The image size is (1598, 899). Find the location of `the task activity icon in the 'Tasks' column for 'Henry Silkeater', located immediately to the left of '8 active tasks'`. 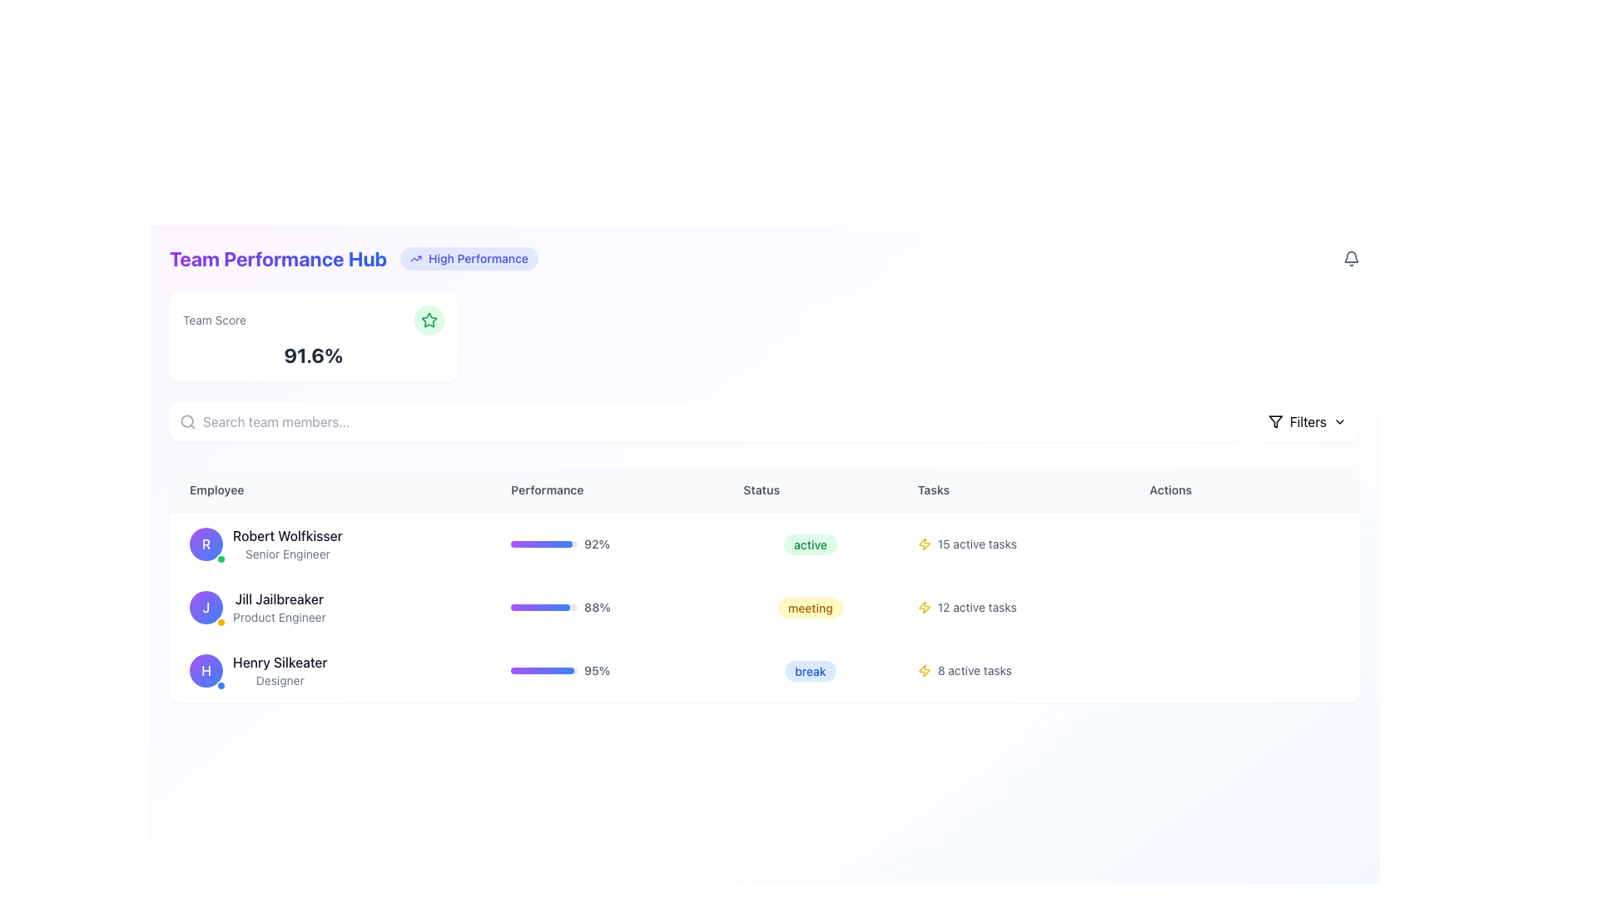

the task activity icon in the 'Tasks' column for 'Henry Silkeater', located immediately to the left of '8 active tasks' is located at coordinates (923, 670).